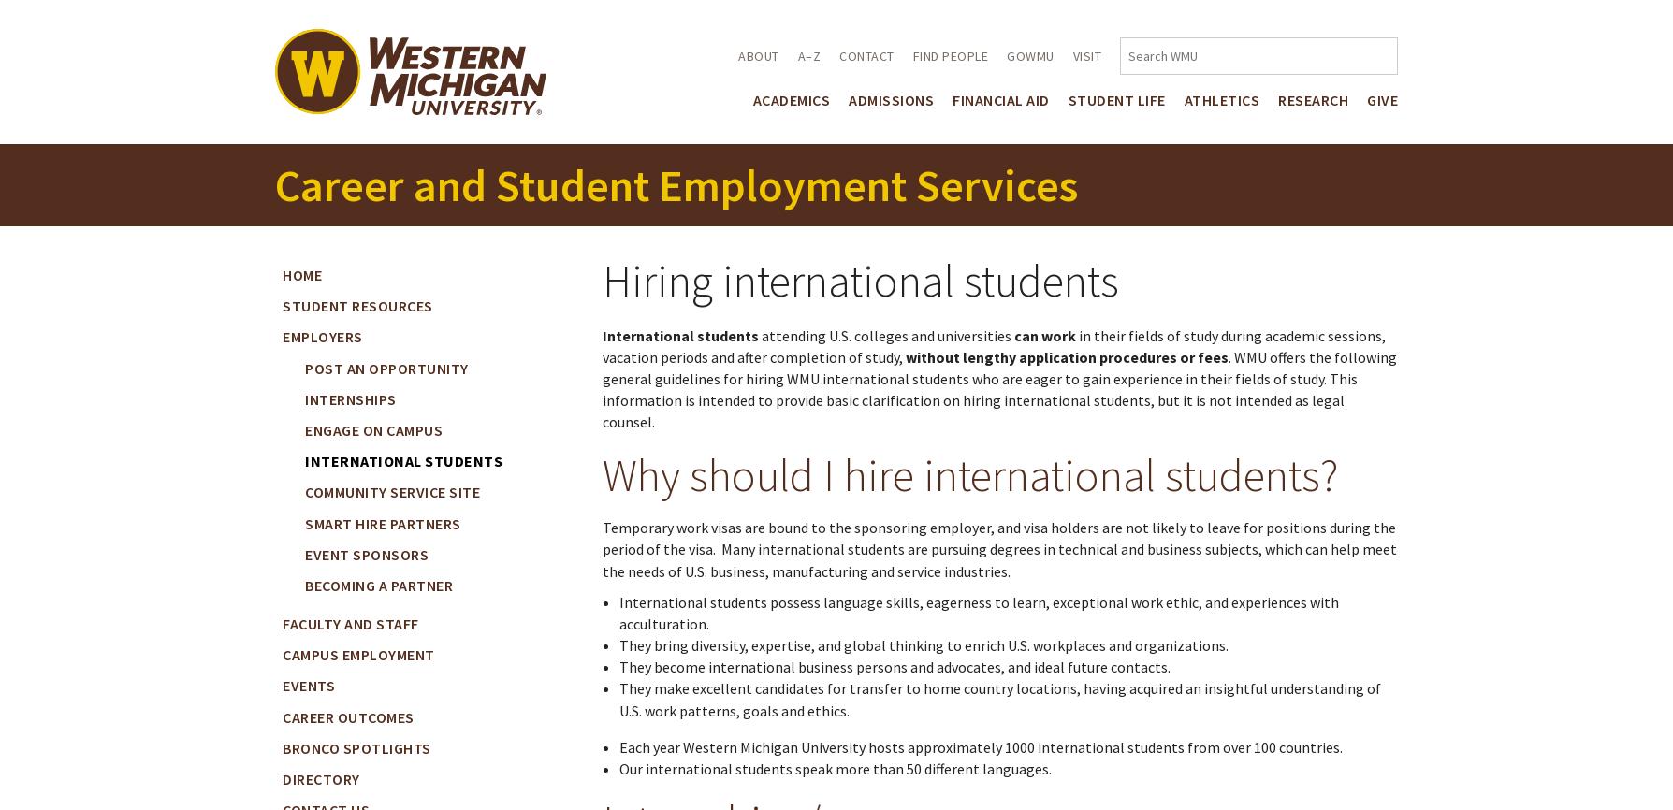 The height and width of the screenshot is (810, 1673). What do you see at coordinates (391, 492) in the screenshot?
I see `'Community Service Site'` at bounding box center [391, 492].